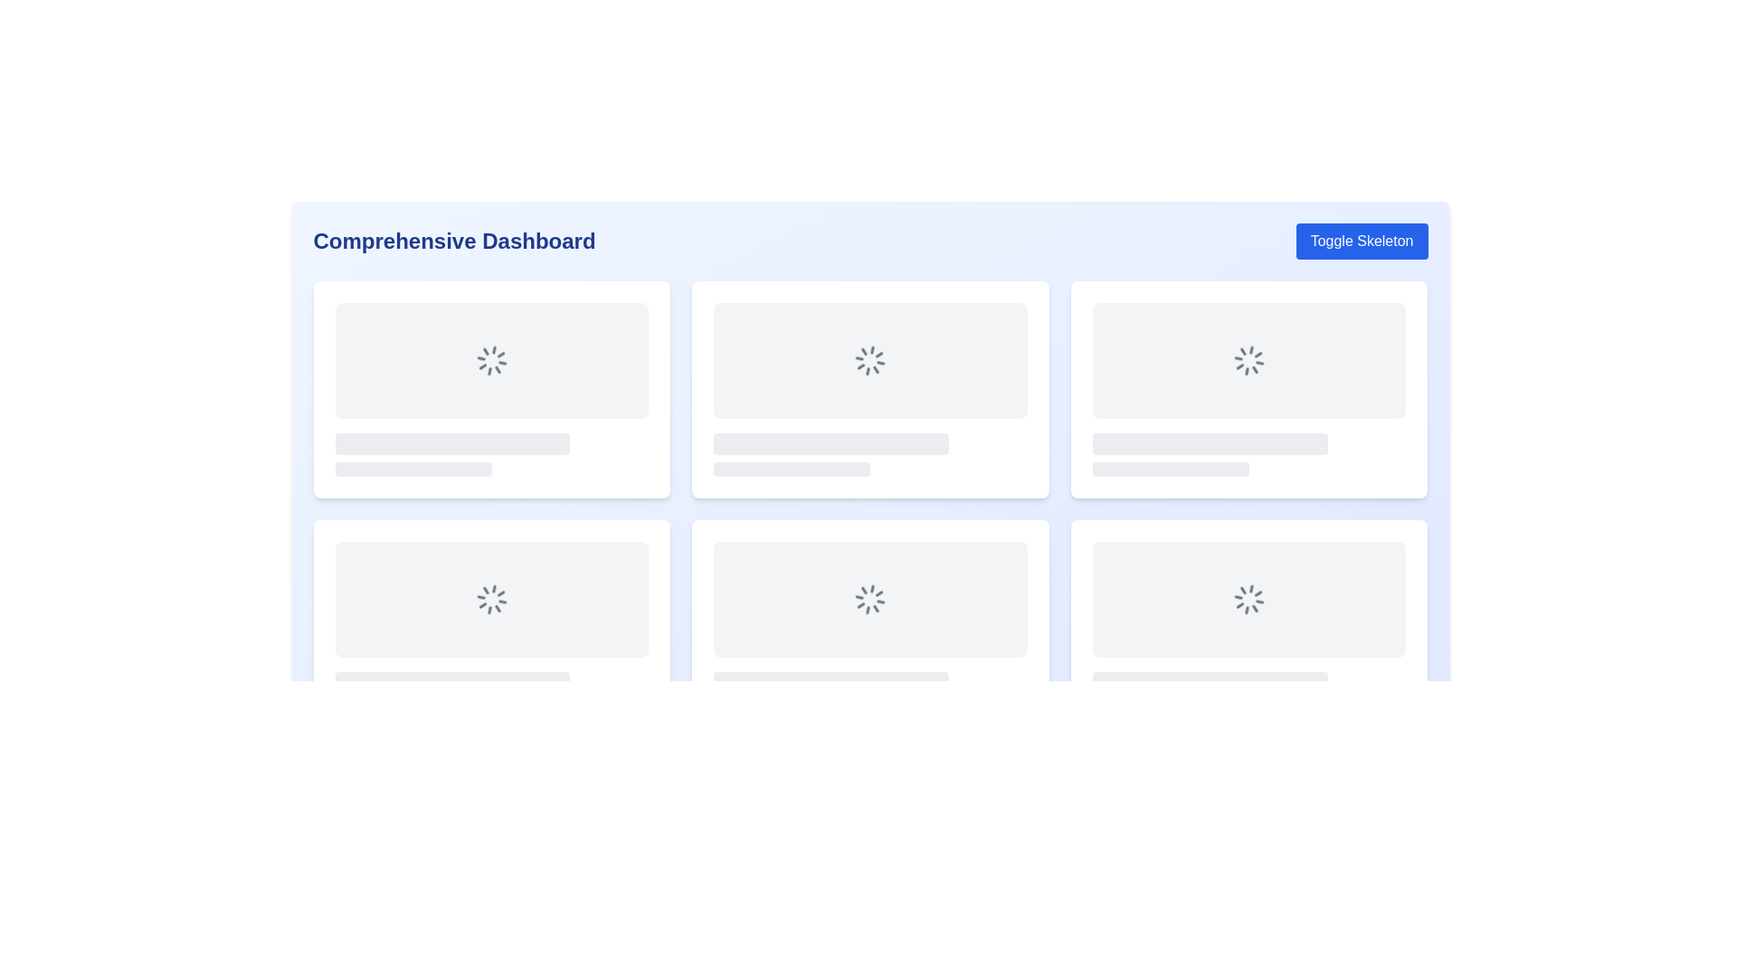 The height and width of the screenshot is (977, 1737). Describe the element at coordinates (1362, 240) in the screenshot. I see `the toggle visibility button for 'skeleton' elements located in the top-right corner of the 'Comprehensive Dashboard' section` at that location.